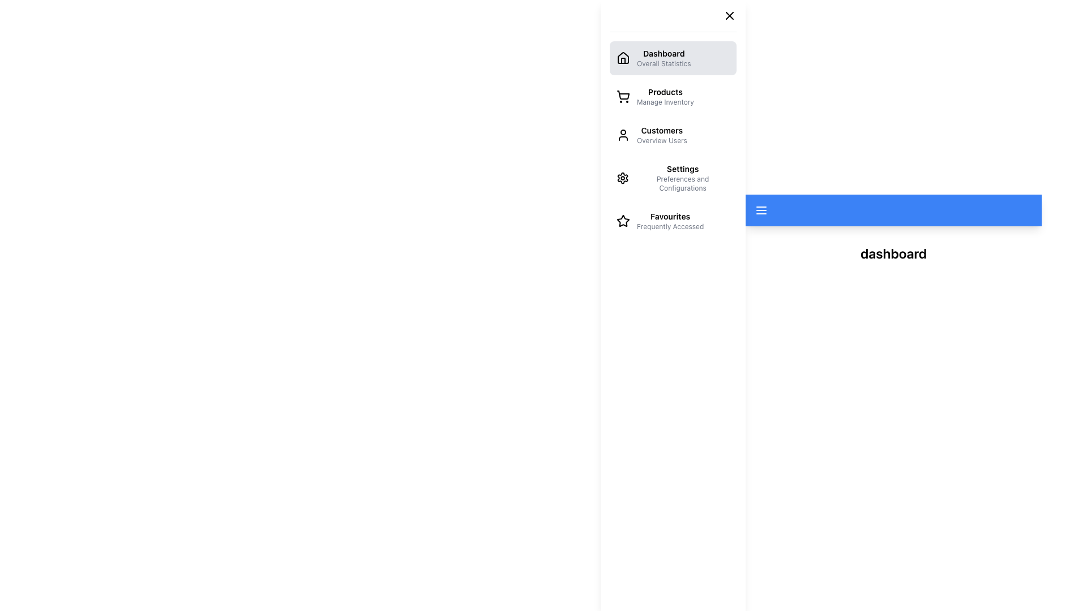 This screenshot has height=611, width=1087. I want to click on the descriptive text label for the 'Settings' section in the left sidebar navigation menu, which provides context for the 'Settings' option, so click(682, 183).